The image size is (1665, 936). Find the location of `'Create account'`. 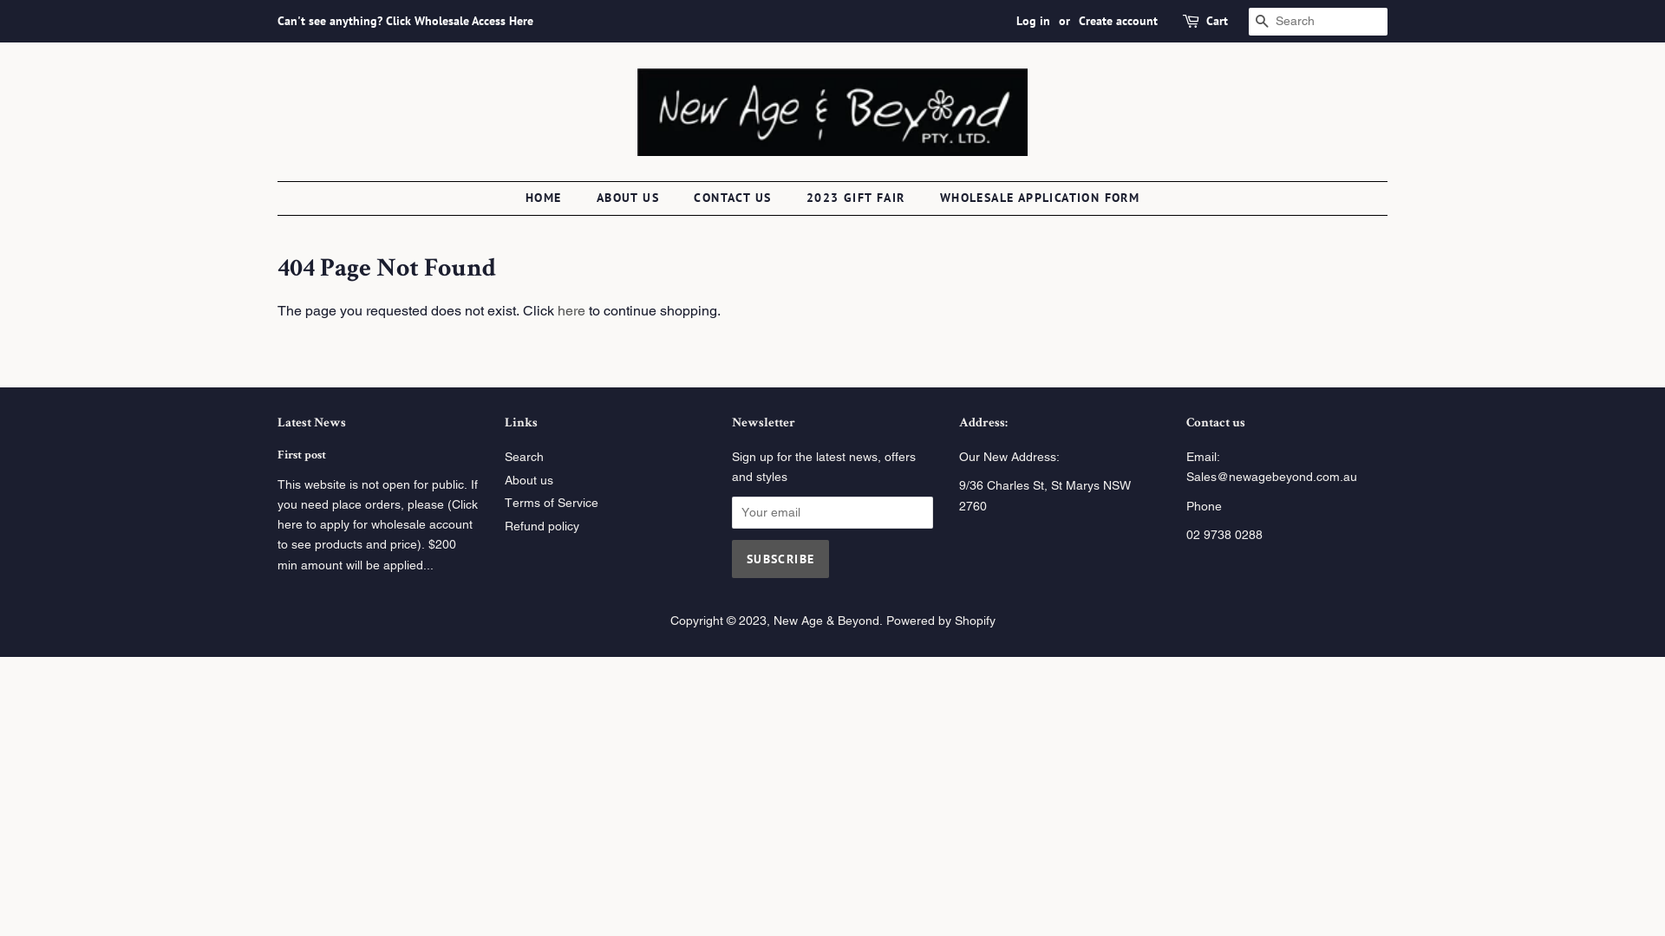

'Create account' is located at coordinates (1118, 20).